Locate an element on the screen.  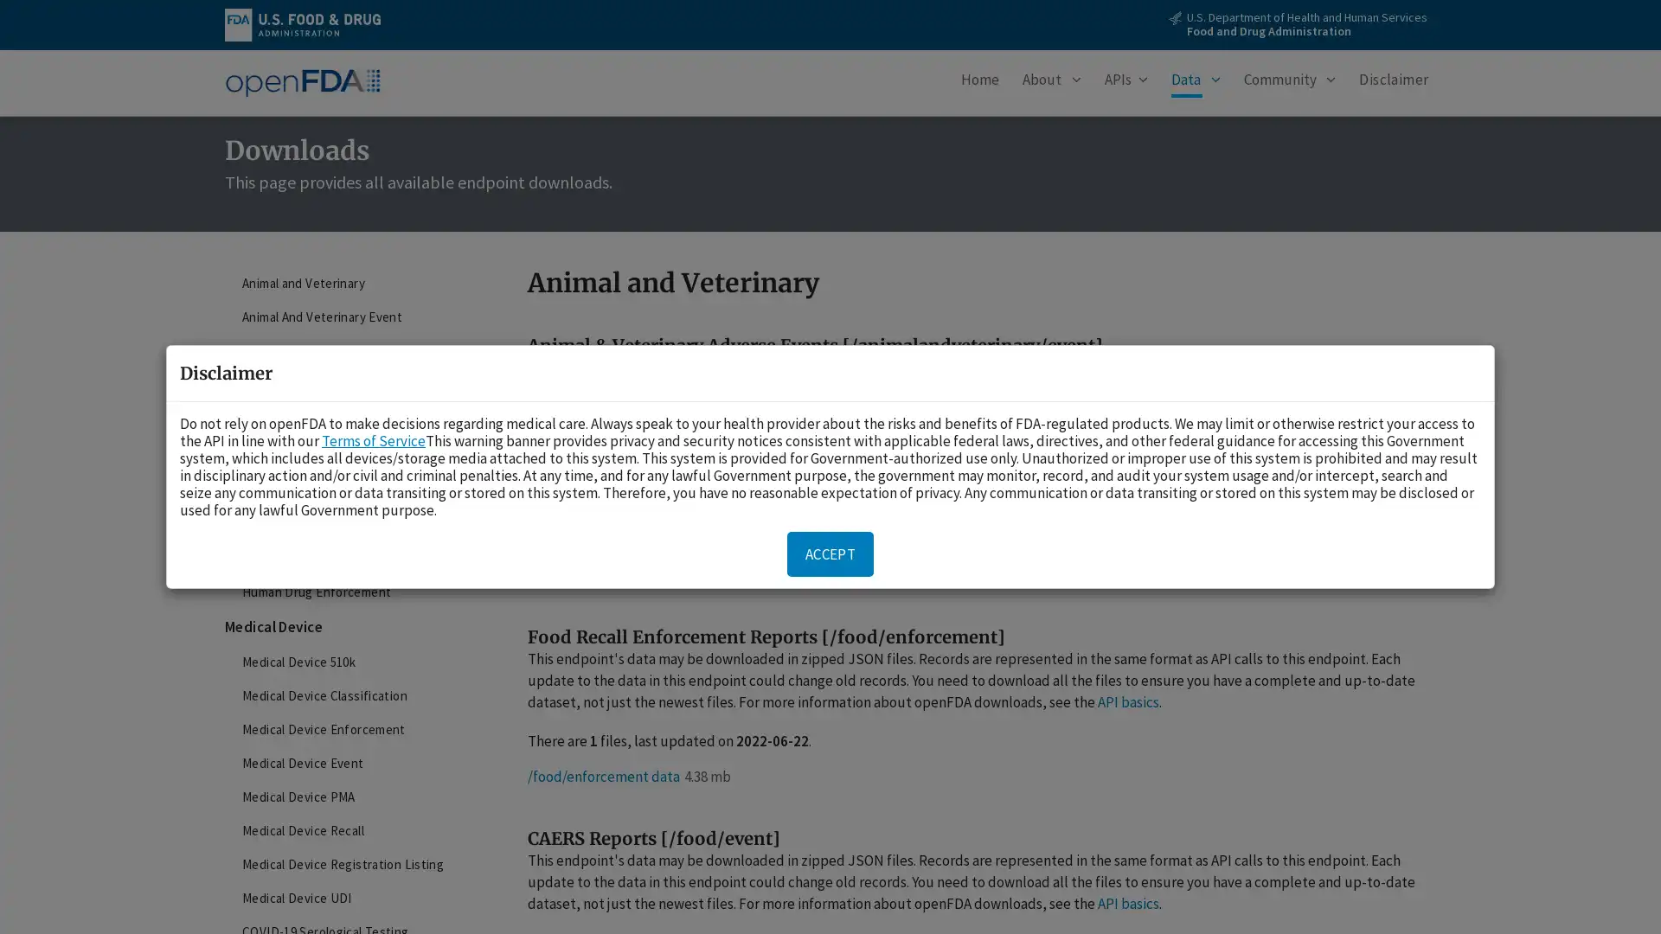
Medical Device Event is located at coordinates (353, 762).